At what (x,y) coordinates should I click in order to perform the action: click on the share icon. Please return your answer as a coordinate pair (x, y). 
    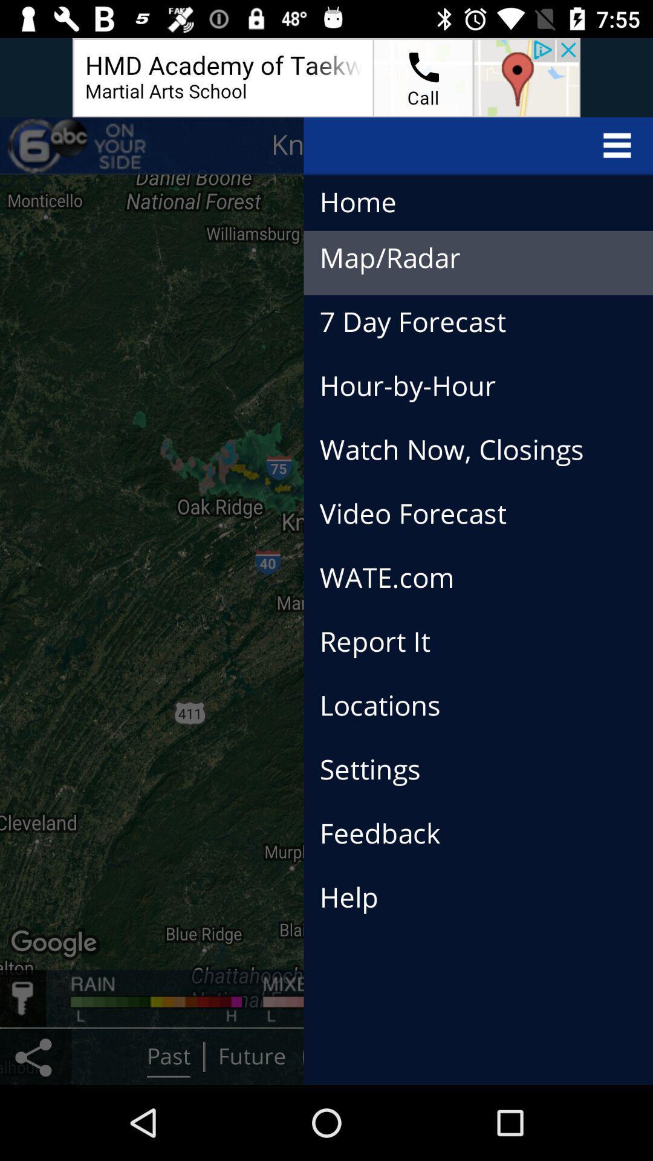
    Looking at the image, I should click on (35, 1056).